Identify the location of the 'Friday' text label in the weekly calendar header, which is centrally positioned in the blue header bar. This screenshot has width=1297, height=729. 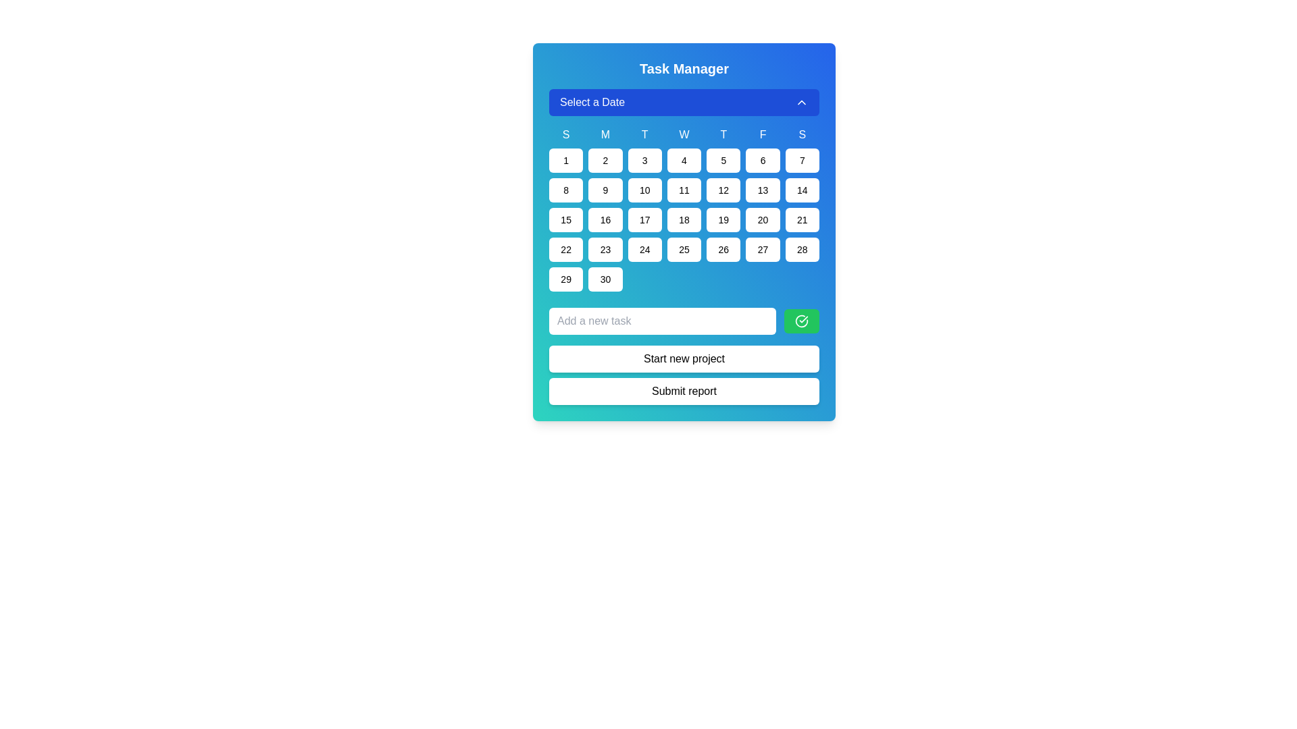
(763, 135).